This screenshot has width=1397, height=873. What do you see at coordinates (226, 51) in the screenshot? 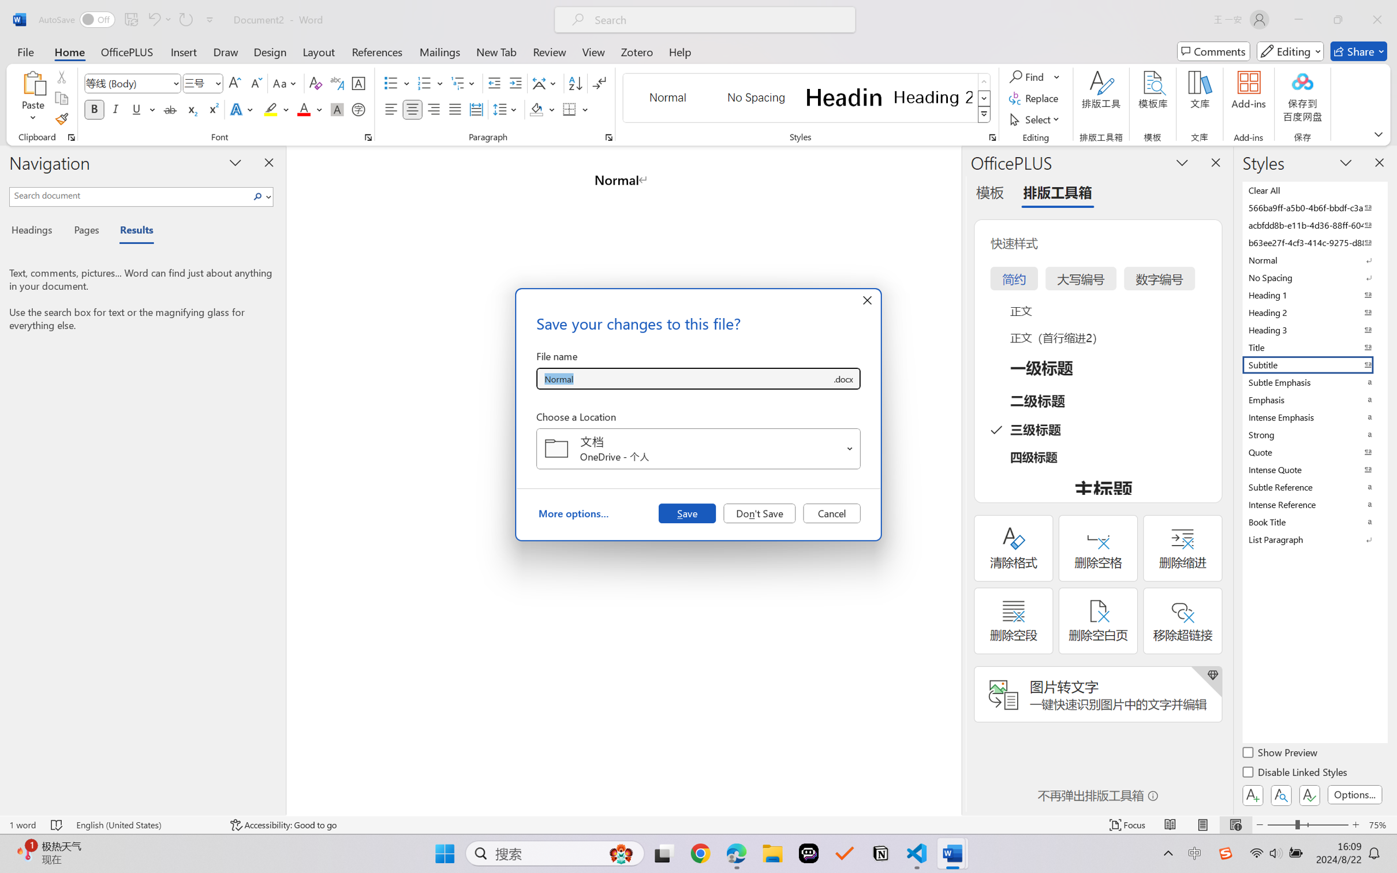
I see `'Draw'` at bounding box center [226, 51].